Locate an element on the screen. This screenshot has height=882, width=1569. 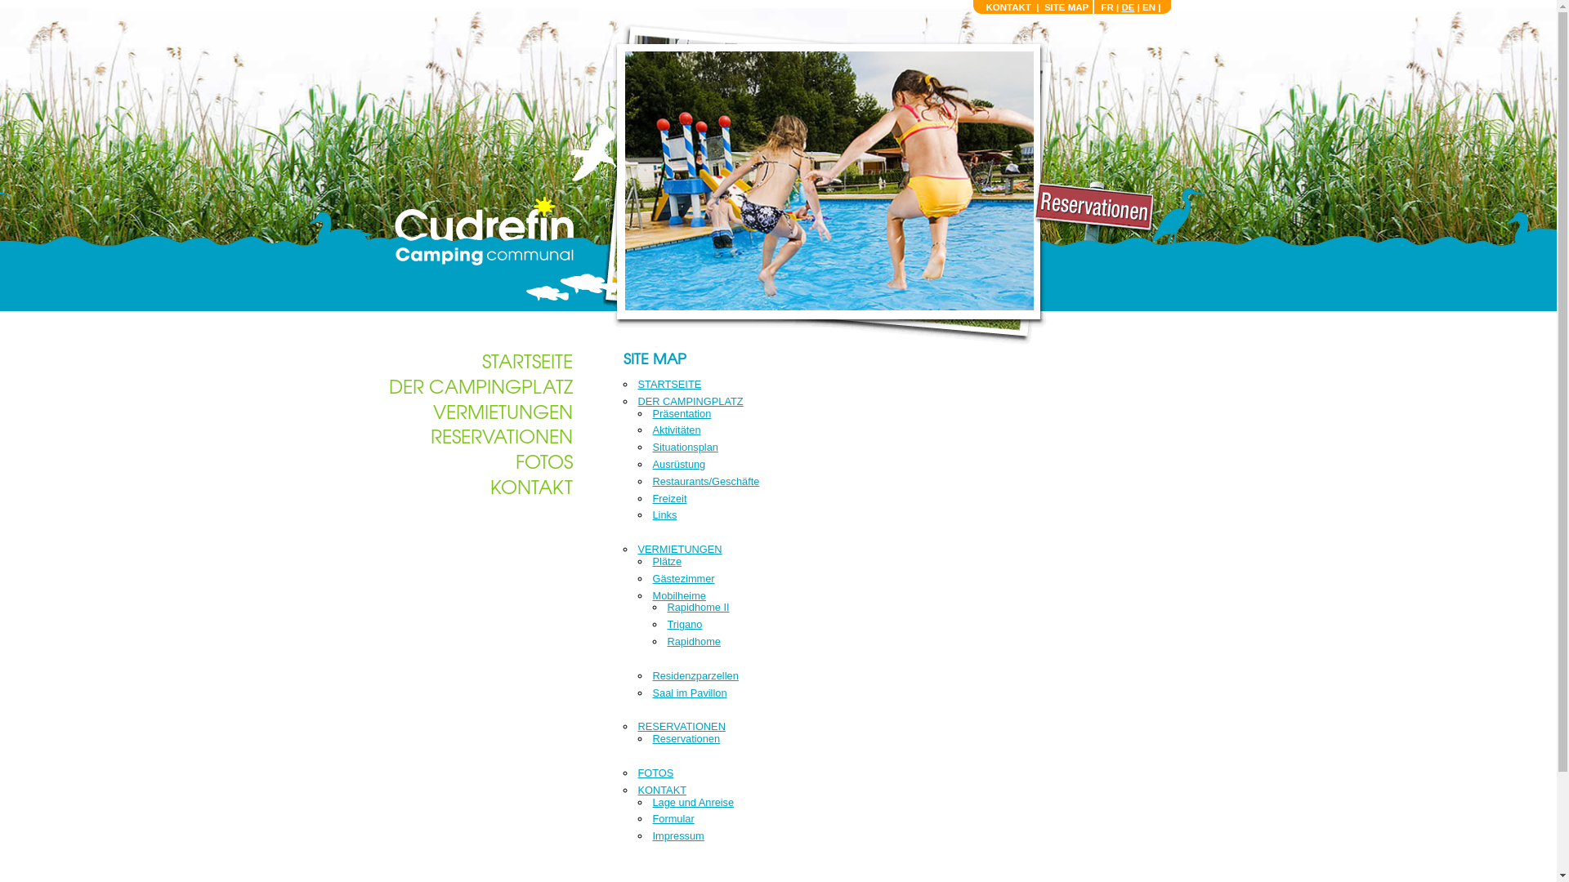
'Lage und Anreise' is located at coordinates (693, 801).